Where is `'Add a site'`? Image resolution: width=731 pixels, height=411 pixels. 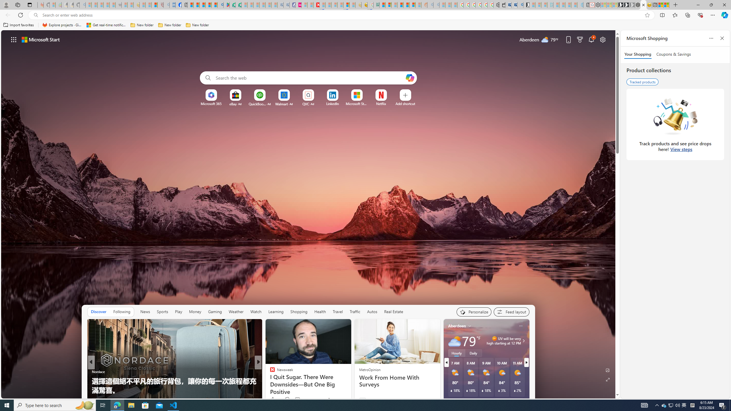 'Add a site' is located at coordinates (405, 104).